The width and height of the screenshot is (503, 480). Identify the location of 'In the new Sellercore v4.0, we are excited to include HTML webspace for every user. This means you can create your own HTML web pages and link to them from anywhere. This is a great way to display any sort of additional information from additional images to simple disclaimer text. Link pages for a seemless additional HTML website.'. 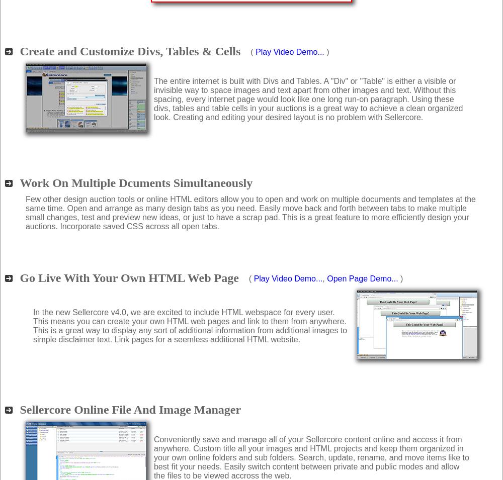
(190, 325).